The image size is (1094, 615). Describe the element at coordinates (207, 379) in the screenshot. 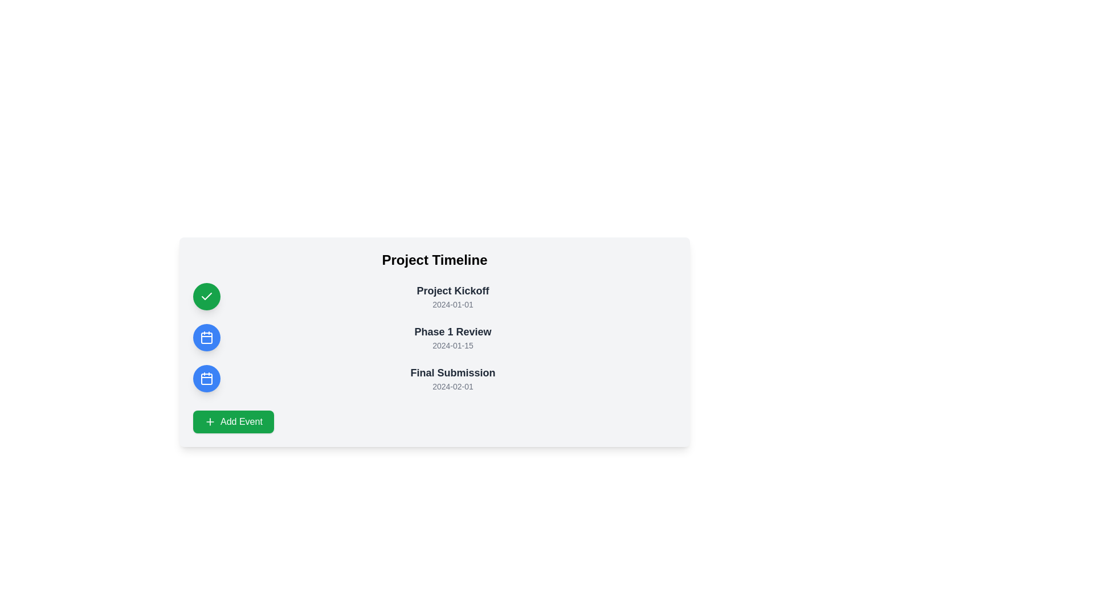

I see `the calendar icon indicator, which is the third element in a vertical list of navigation icons on the left side of the interface` at that location.